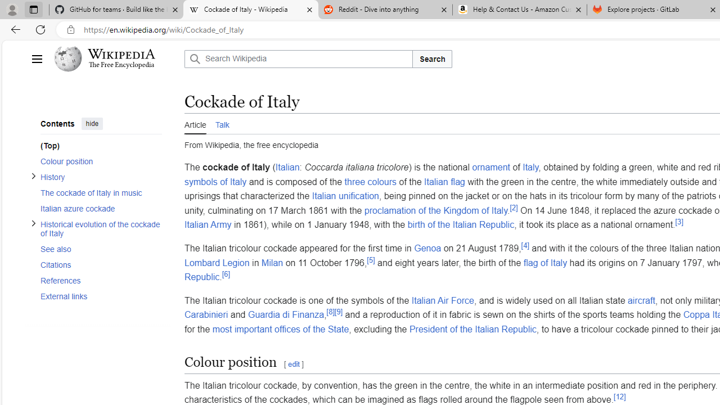  What do you see at coordinates (98, 192) in the screenshot?
I see `'The cockade of Italy in music'` at bounding box center [98, 192].